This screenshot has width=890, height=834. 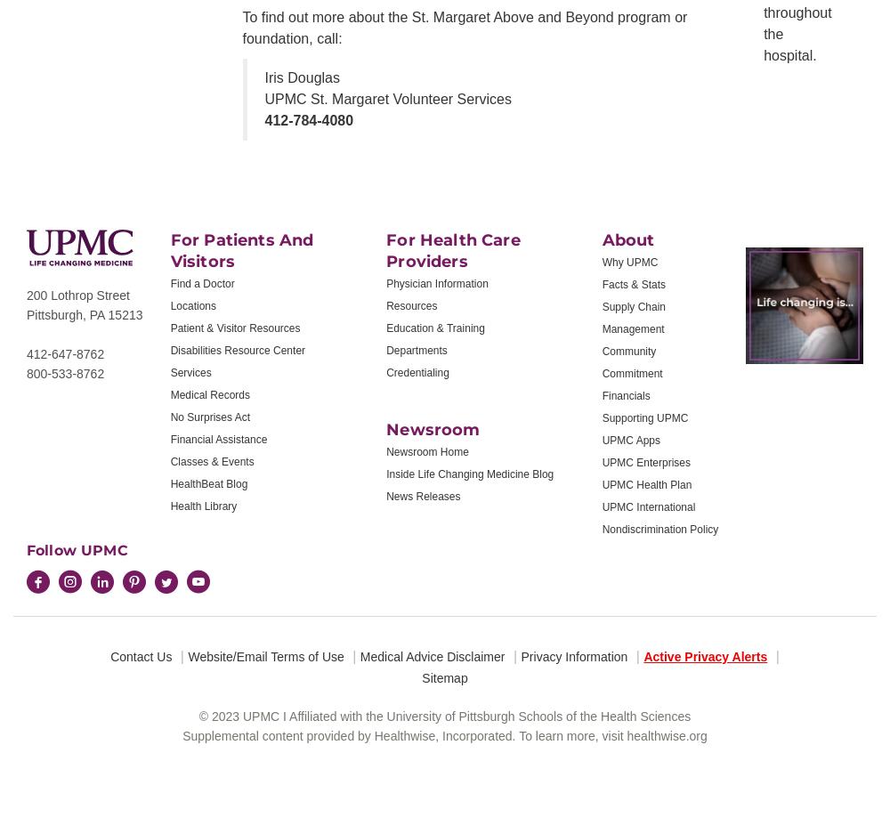 I want to click on 'Financial Assistance', so click(x=217, y=439).